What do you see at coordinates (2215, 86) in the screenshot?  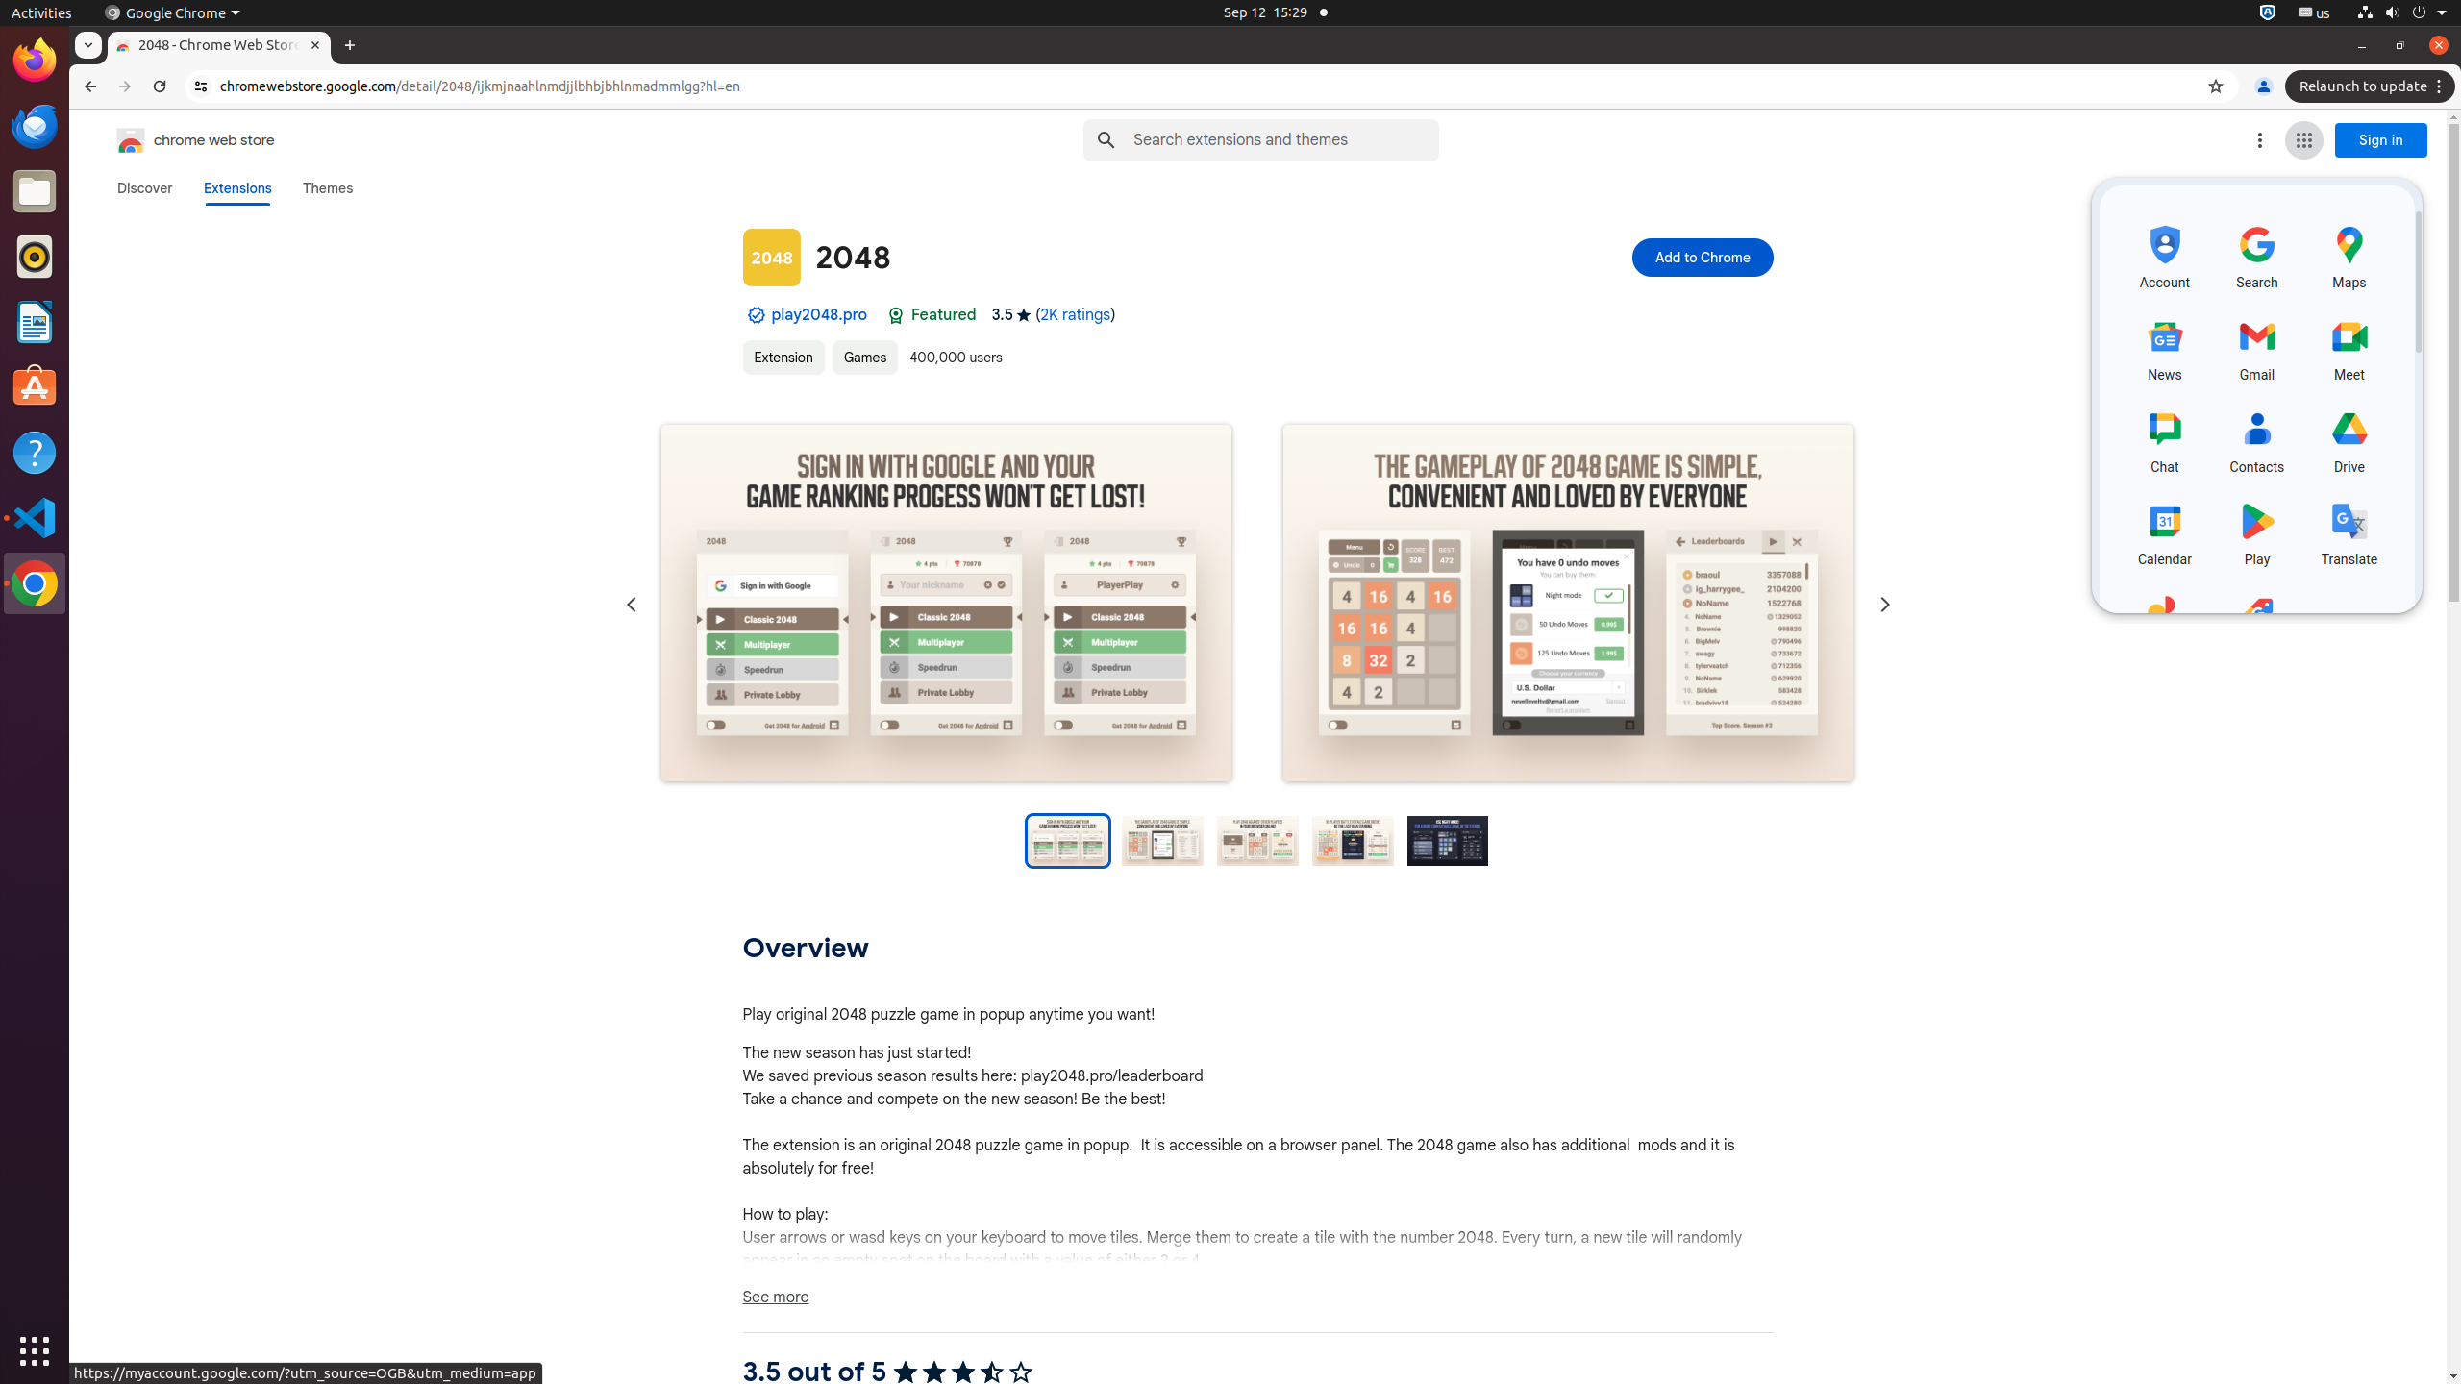 I see `'Bookmark this tab'` at bounding box center [2215, 86].